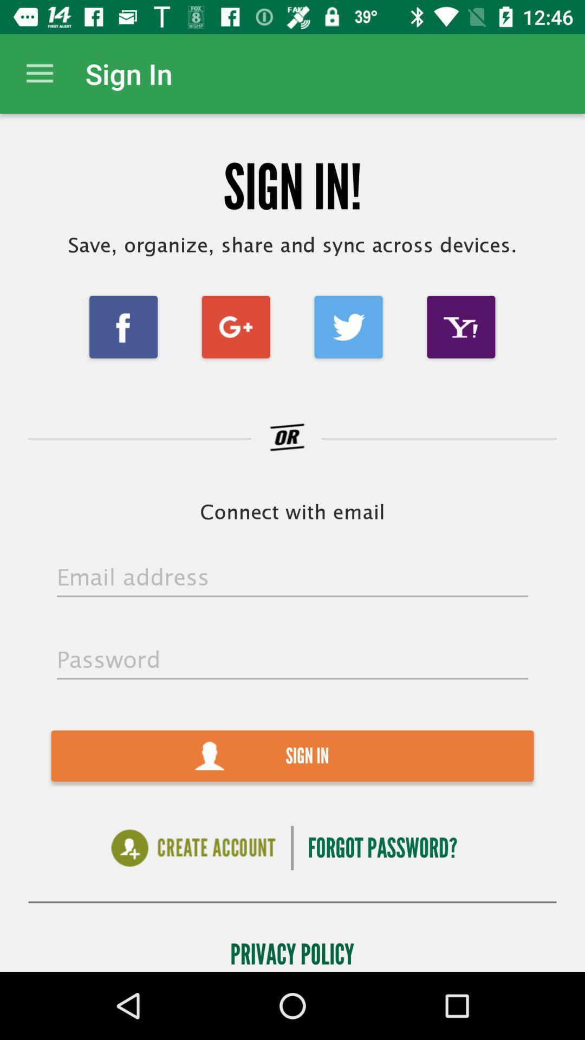 Image resolution: width=585 pixels, height=1040 pixels. What do you see at coordinates (461, 326) in the screenshot?
I see `the icon at the top right corner` at bounding box center [461, 326].